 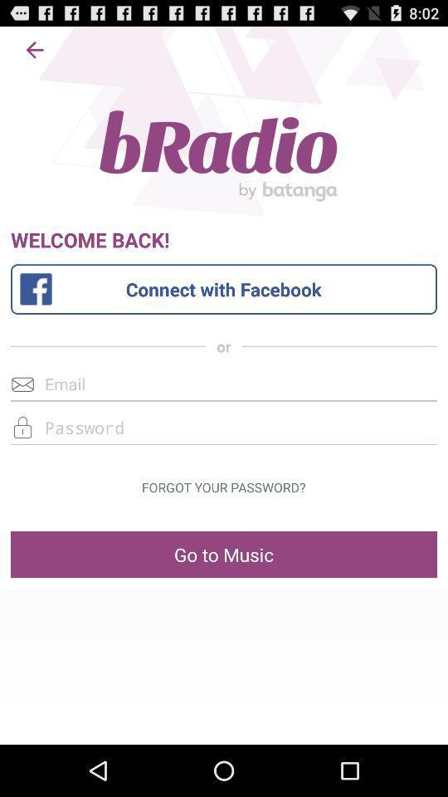 What do you see at coordinates (35, 49) in the screenshot?
I see `button to return to the previous menu` at bounding box center [35, 49].